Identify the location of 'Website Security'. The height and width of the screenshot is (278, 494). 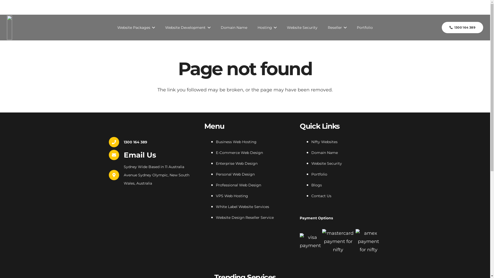
(326, 163).